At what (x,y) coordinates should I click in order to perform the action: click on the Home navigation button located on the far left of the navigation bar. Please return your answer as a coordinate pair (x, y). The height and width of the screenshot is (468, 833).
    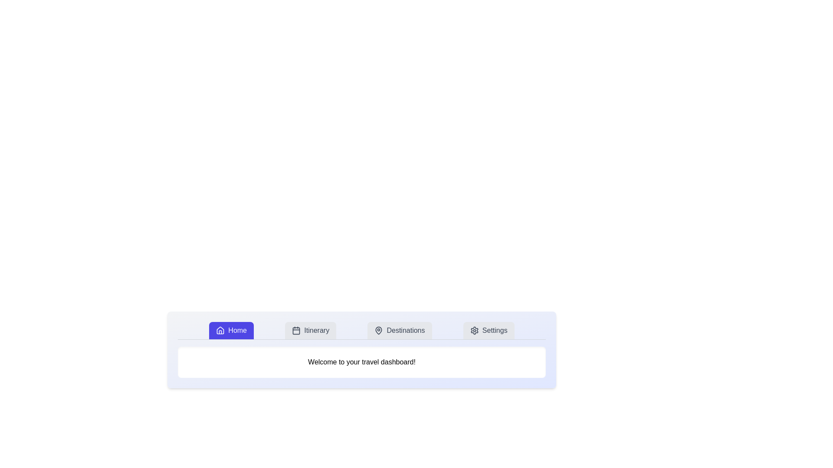
    Looking at the image, I should click on (231, 331).